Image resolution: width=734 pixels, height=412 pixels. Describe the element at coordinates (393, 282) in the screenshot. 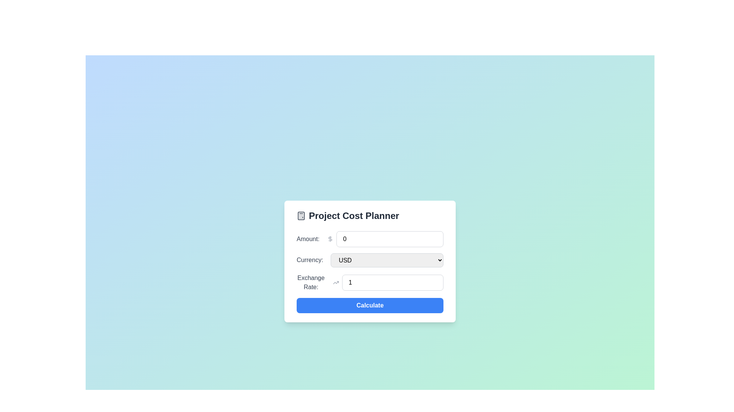

I see `the numerical input field for the exchange rate in the 'Project Cost Planner' form to focus on it` at that location.